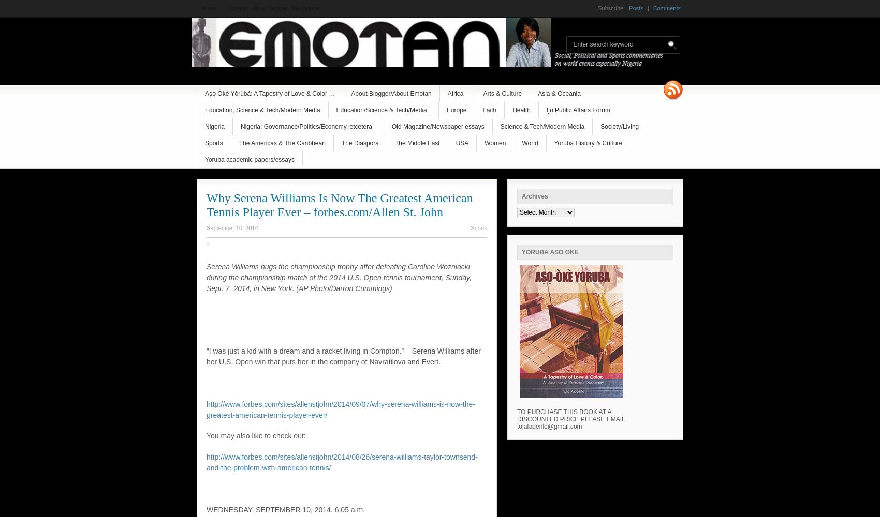 This screenshot has width=880, height=517. Describe the element at coordinates (666, 8) in the screenshot. I see `'Comments'` at that location.